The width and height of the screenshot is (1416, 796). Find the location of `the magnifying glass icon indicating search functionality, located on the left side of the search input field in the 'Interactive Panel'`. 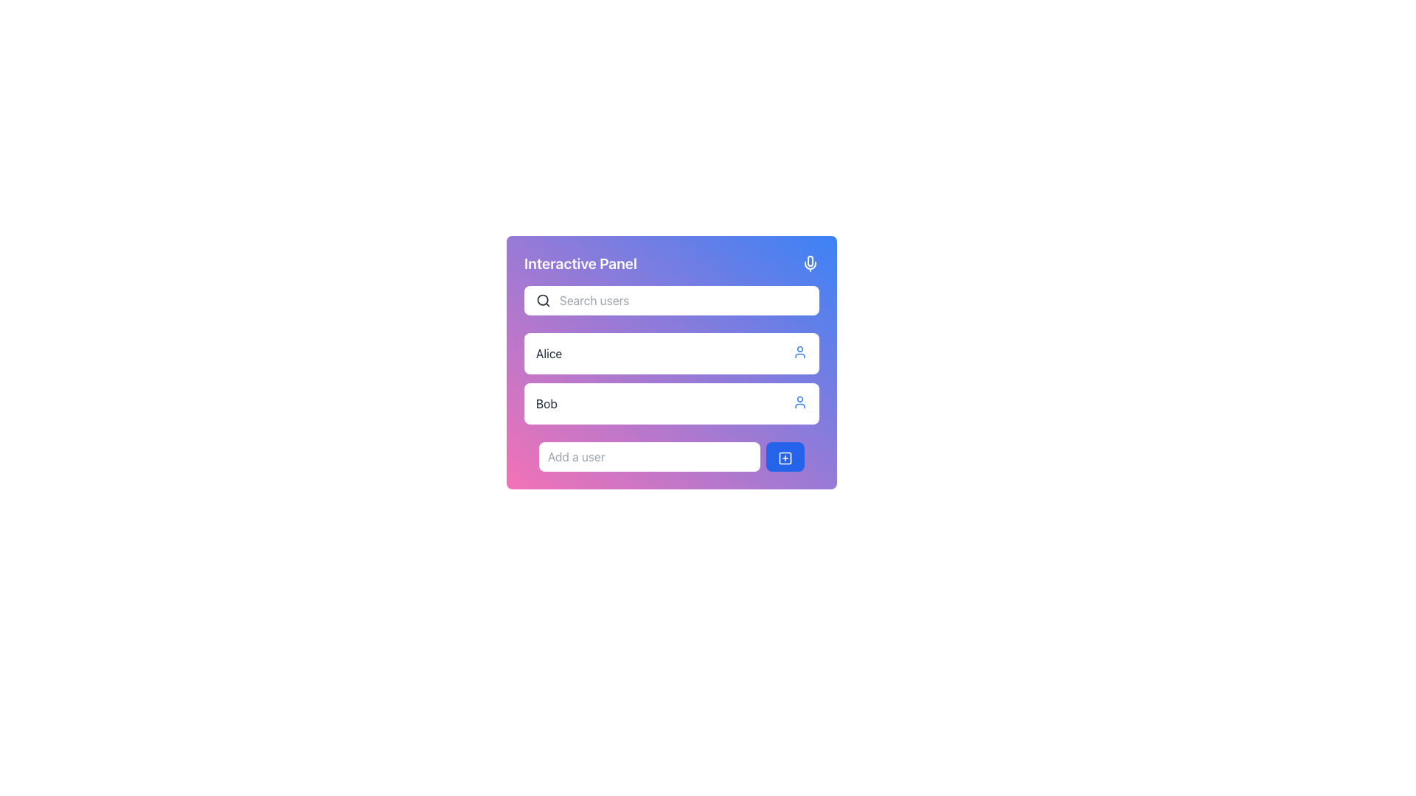

the magnifying glass icon indicating search functionality, located on the left side of the search input field in the 'Interactive Panel' is located at coordinates (543, 300).